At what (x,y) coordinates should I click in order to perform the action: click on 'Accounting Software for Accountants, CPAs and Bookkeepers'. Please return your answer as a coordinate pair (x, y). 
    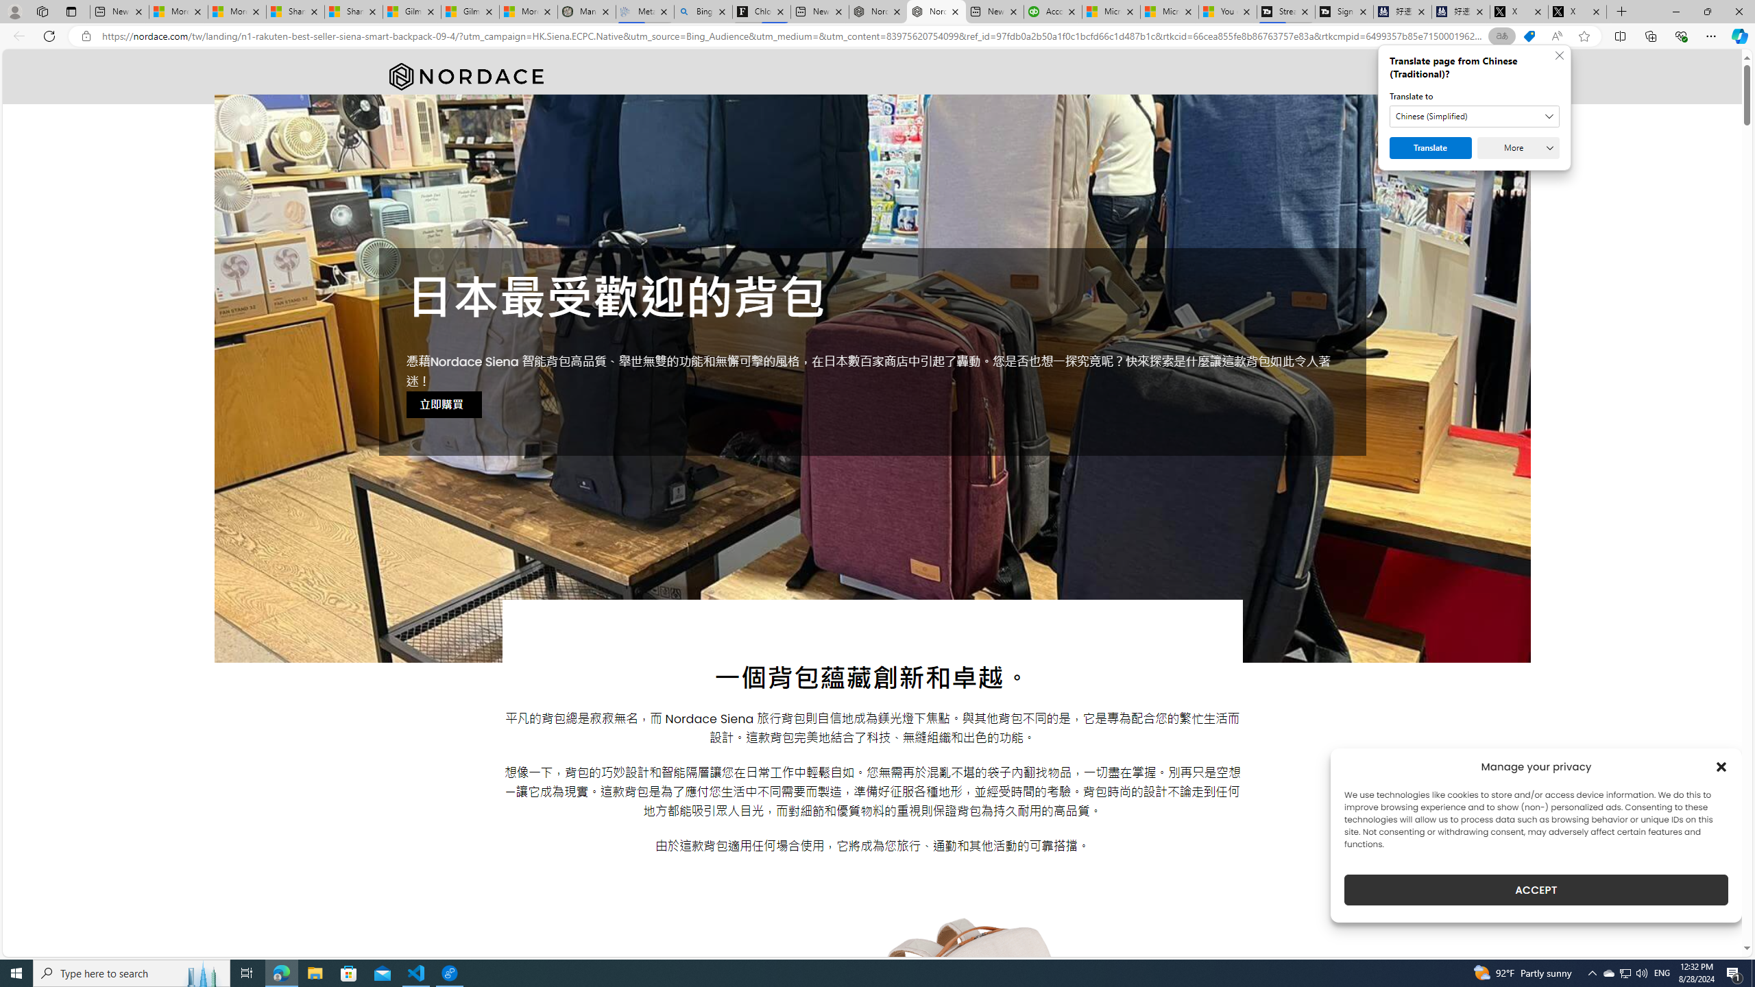
    Looking at the image, I should click on (1053, 11).